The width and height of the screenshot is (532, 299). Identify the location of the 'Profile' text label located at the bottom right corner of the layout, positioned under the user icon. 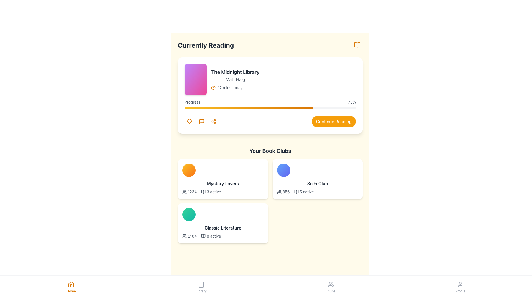
(460, 291).